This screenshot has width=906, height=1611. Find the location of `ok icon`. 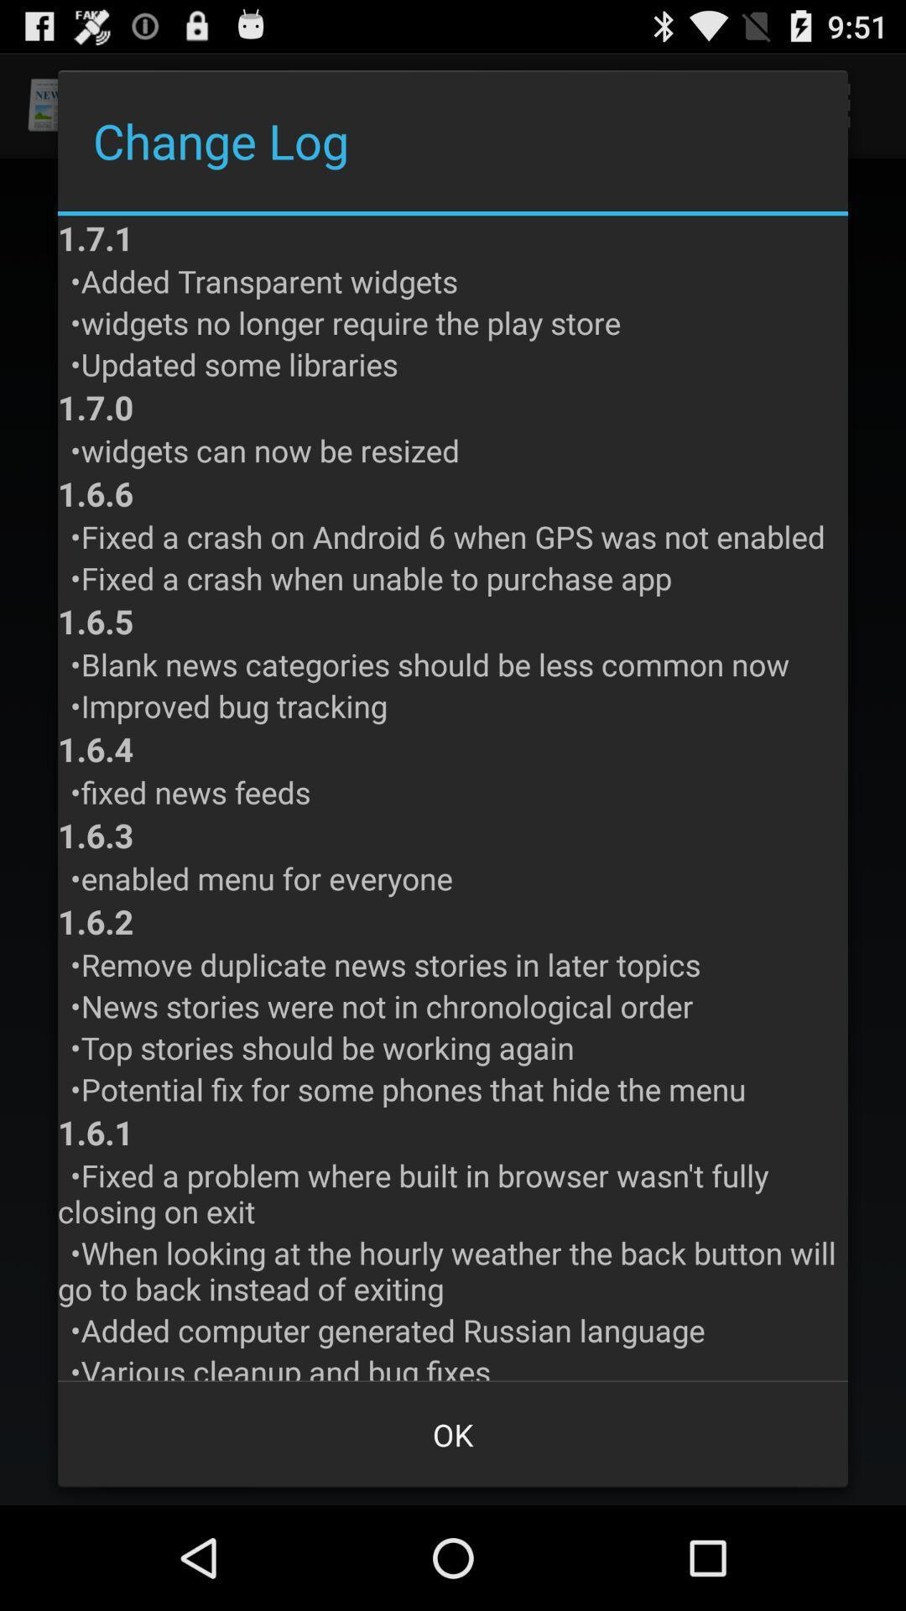

ok icon is located at coordinates (453, 1433).